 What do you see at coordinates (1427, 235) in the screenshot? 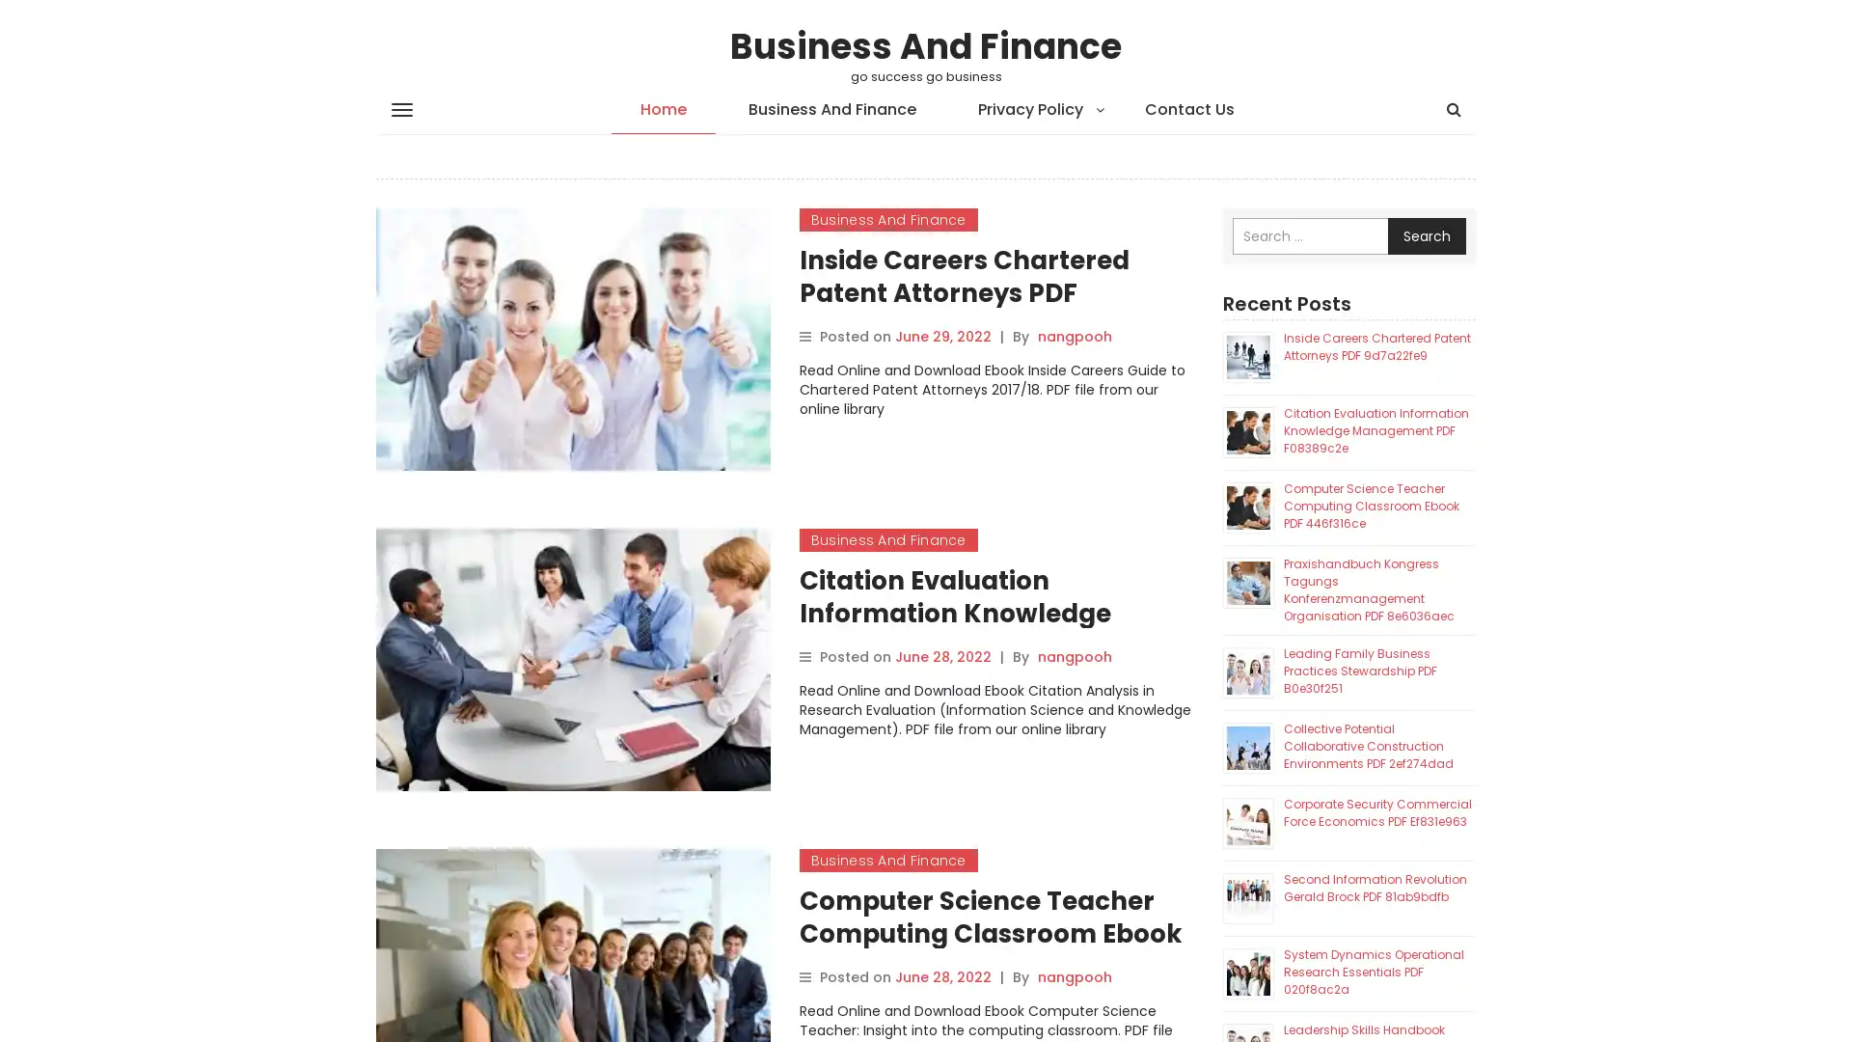
I see `Search` at bounding box center [1427, 235].